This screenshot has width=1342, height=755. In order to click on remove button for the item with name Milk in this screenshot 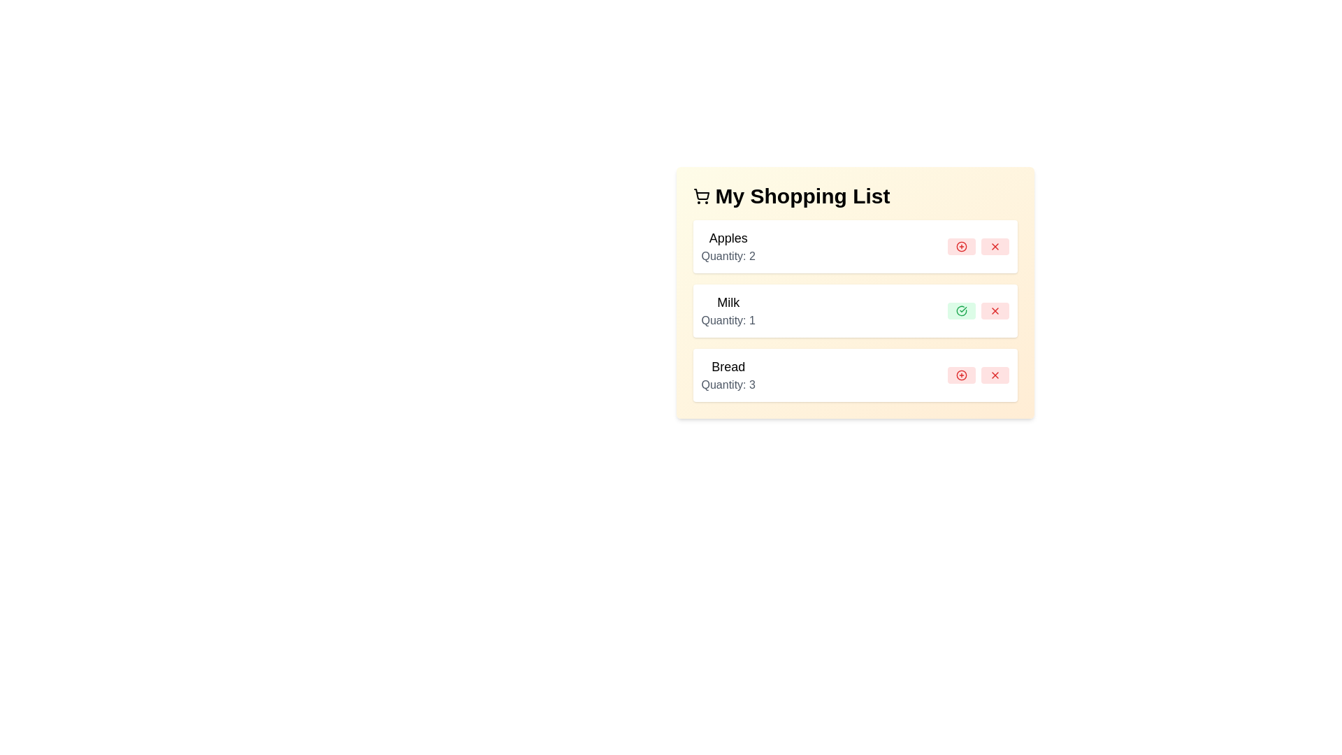, I will do `click(994, 310)`.